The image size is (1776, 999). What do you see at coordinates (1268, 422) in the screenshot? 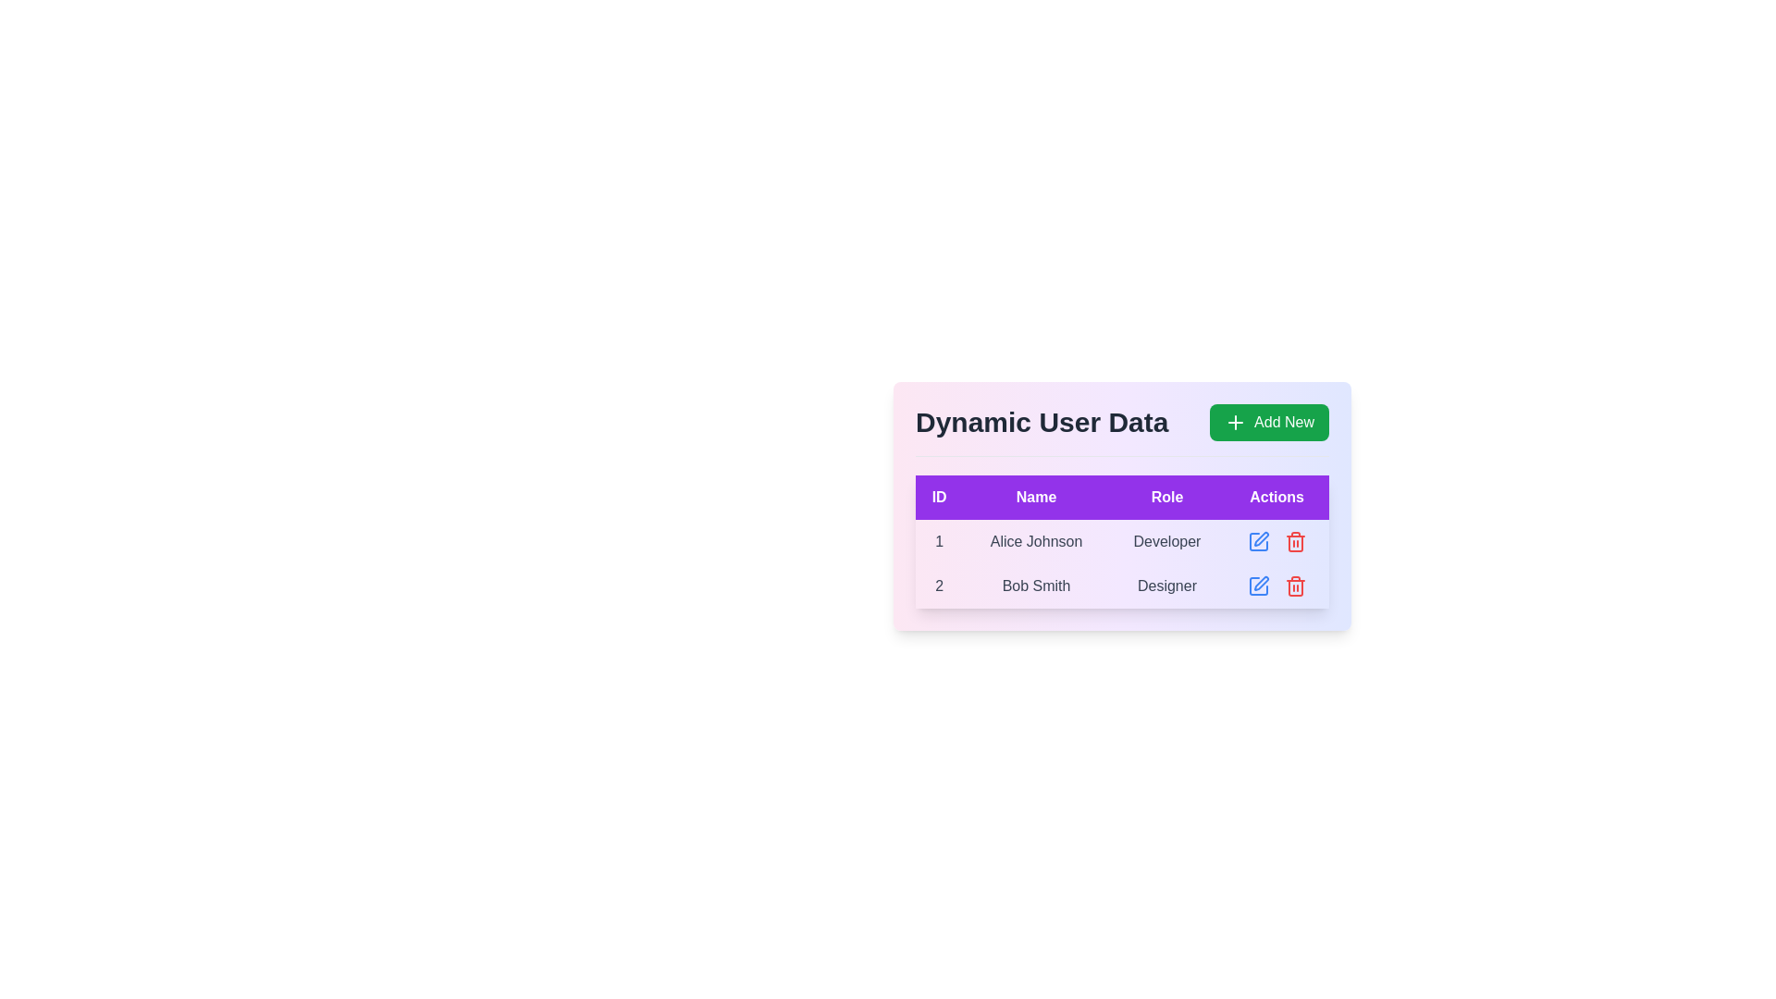
I see `the 'Add New' button` at bounding box center [1268, 422].